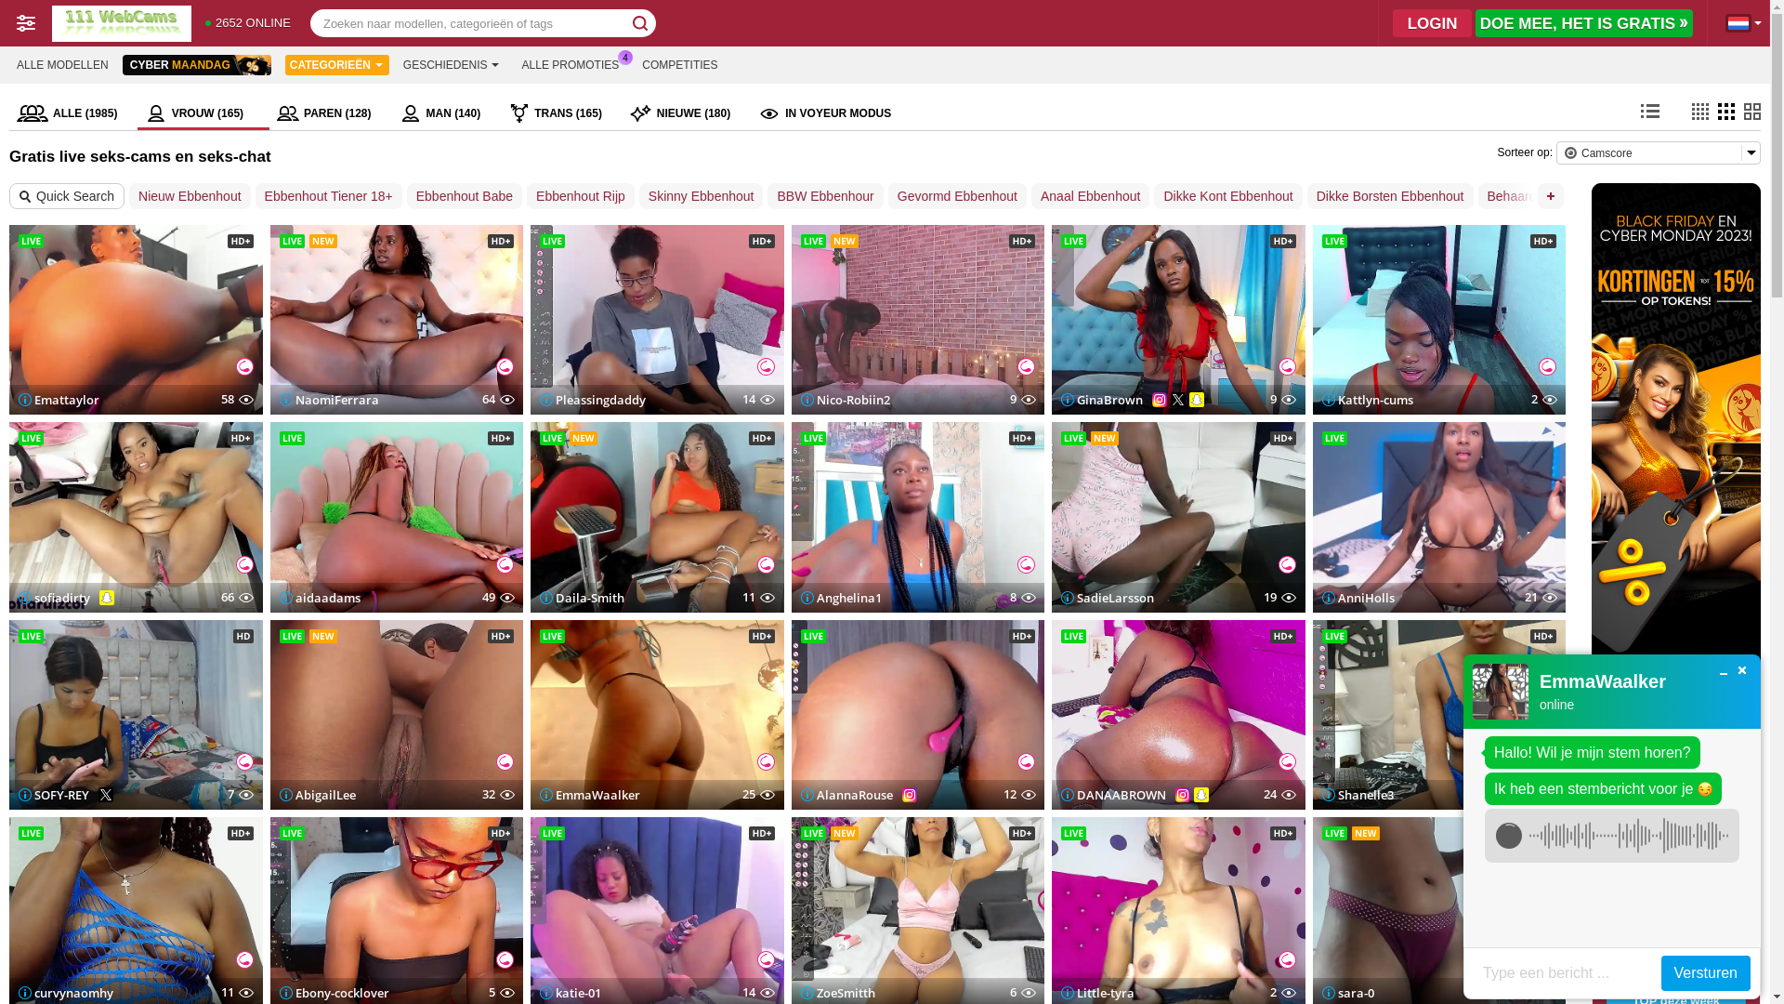 This screenshot has height=1004, width=1784. Describe the element at coordinates (1676, 890) in the screenshot. I see `'FurElisse'` at that location.